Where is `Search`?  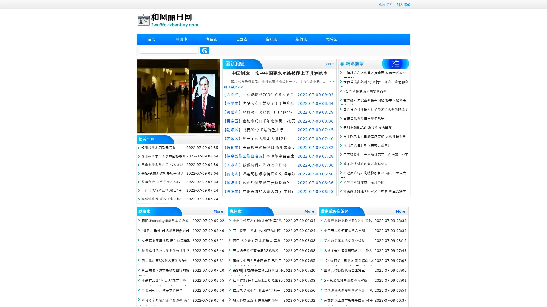 Search is located at coordinates (205, 50).